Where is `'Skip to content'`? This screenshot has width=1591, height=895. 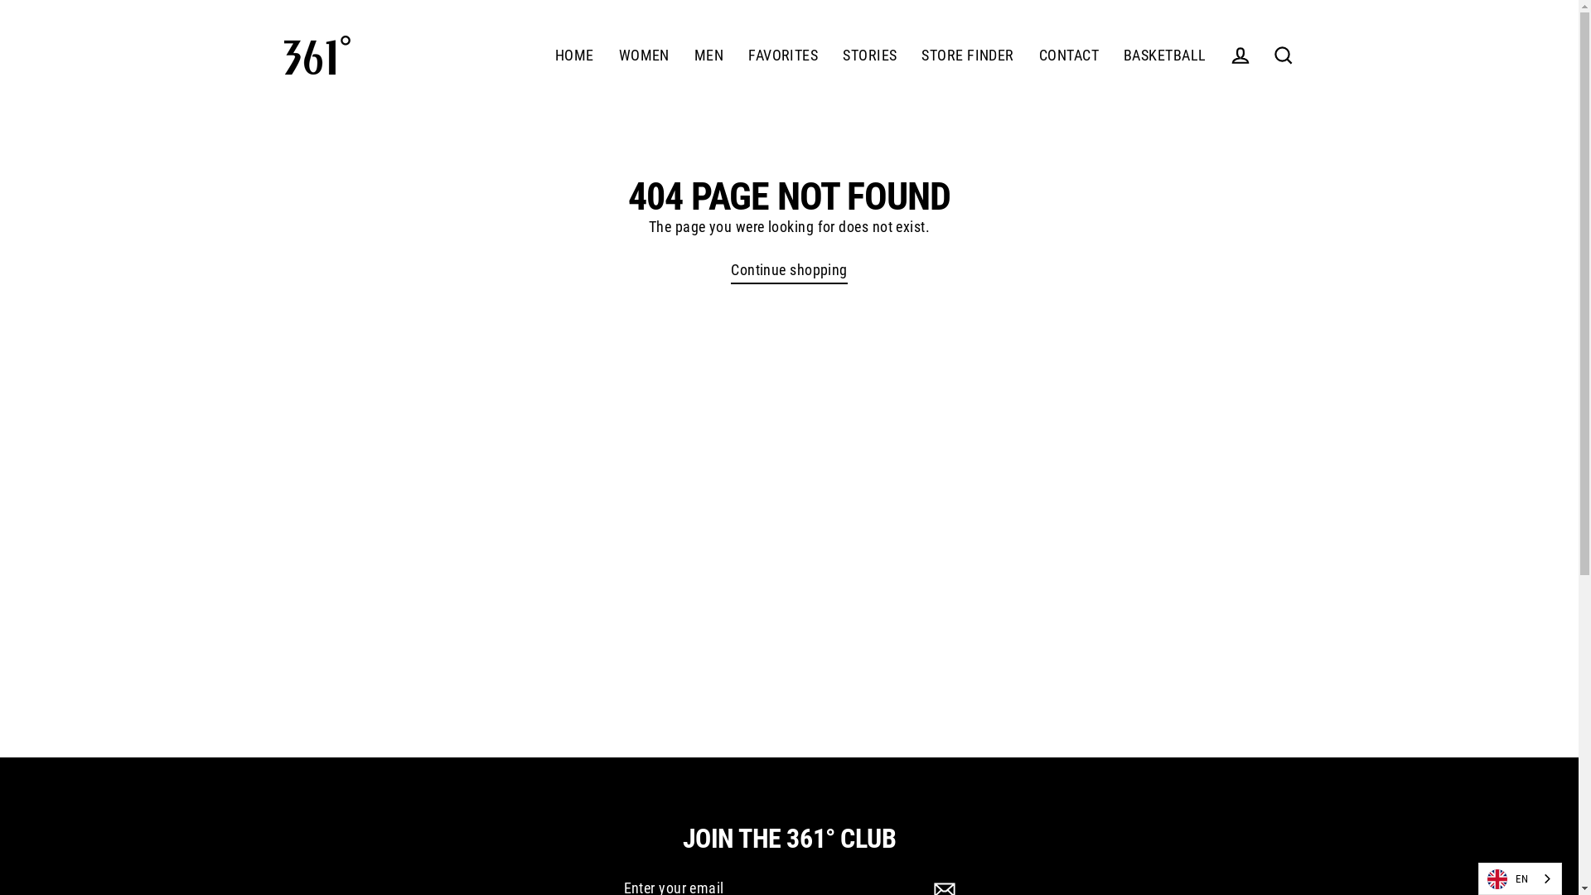 'Skip to content' is located at coordinates (0, 0).